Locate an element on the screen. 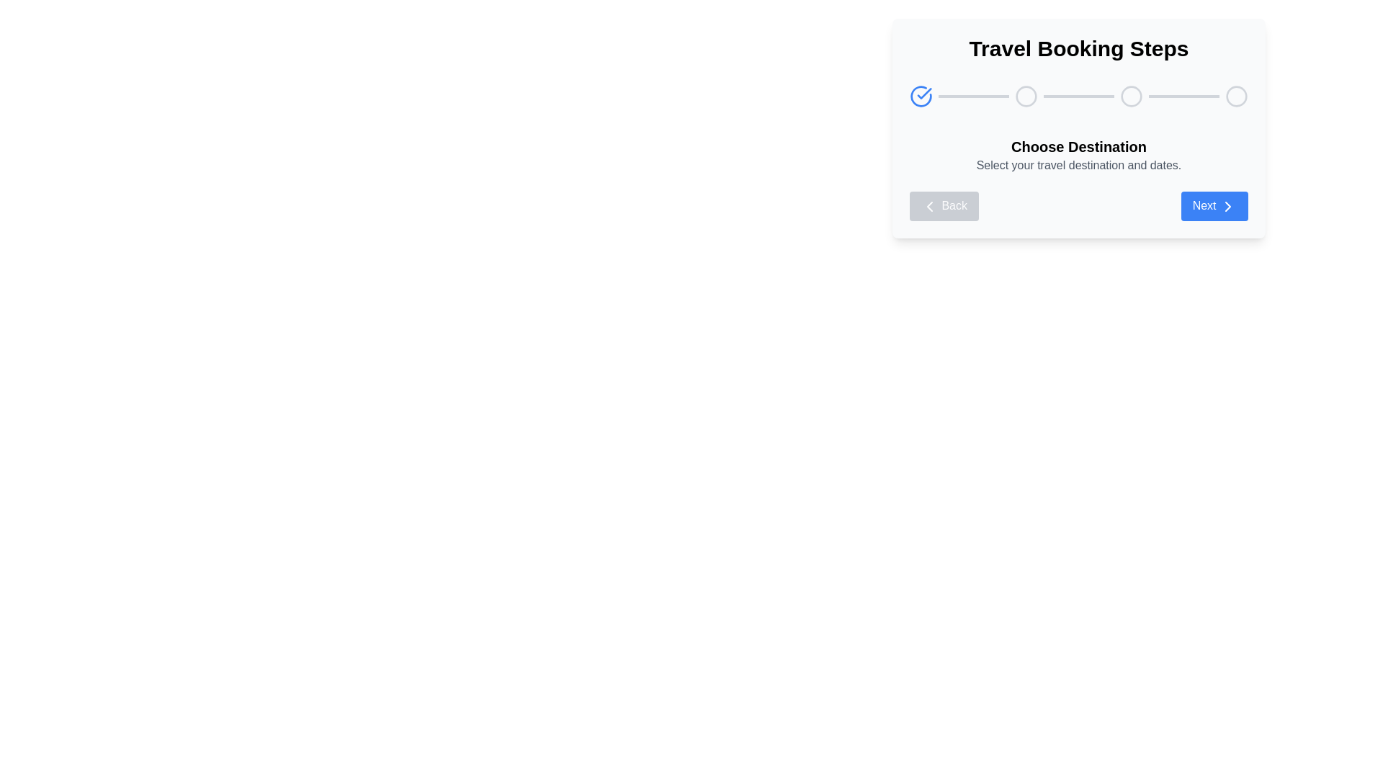  the second circular step indicator in the step progression bar, which visually signifies a step in a sequence or process is located at coordinates (1130, 97).